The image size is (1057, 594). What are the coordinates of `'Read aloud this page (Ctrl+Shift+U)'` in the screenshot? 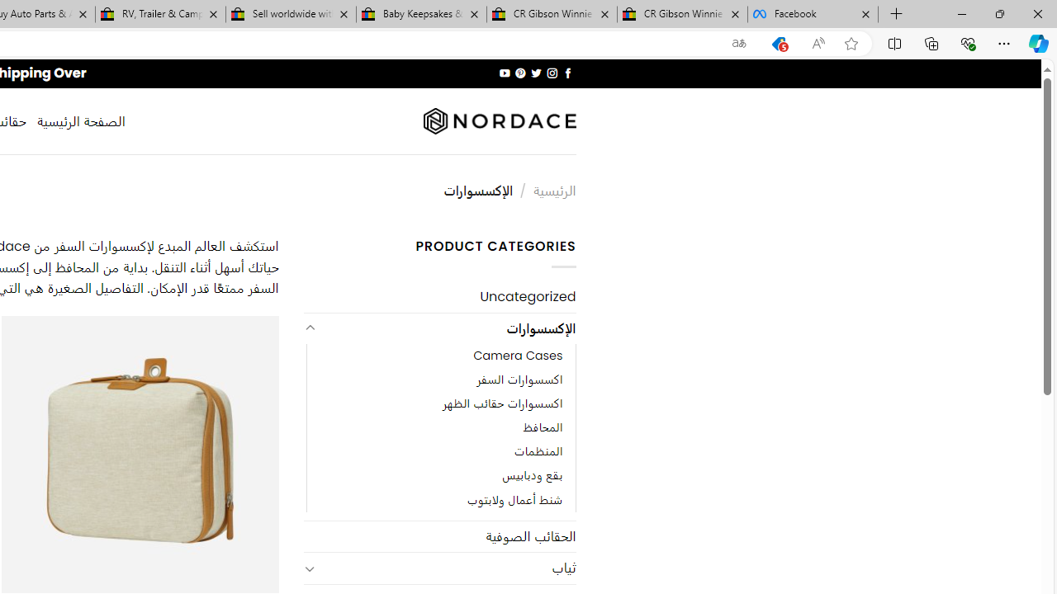 It's located at (818, 43).